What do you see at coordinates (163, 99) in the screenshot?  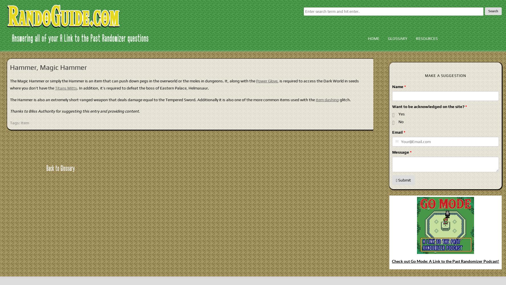 I see `'The Hammer is also an extremely short-ranged weapon that deals damage equal to the Tempered Sword. Additionally it is also one of the more common items used with the'` at bounding box center [163, 99].